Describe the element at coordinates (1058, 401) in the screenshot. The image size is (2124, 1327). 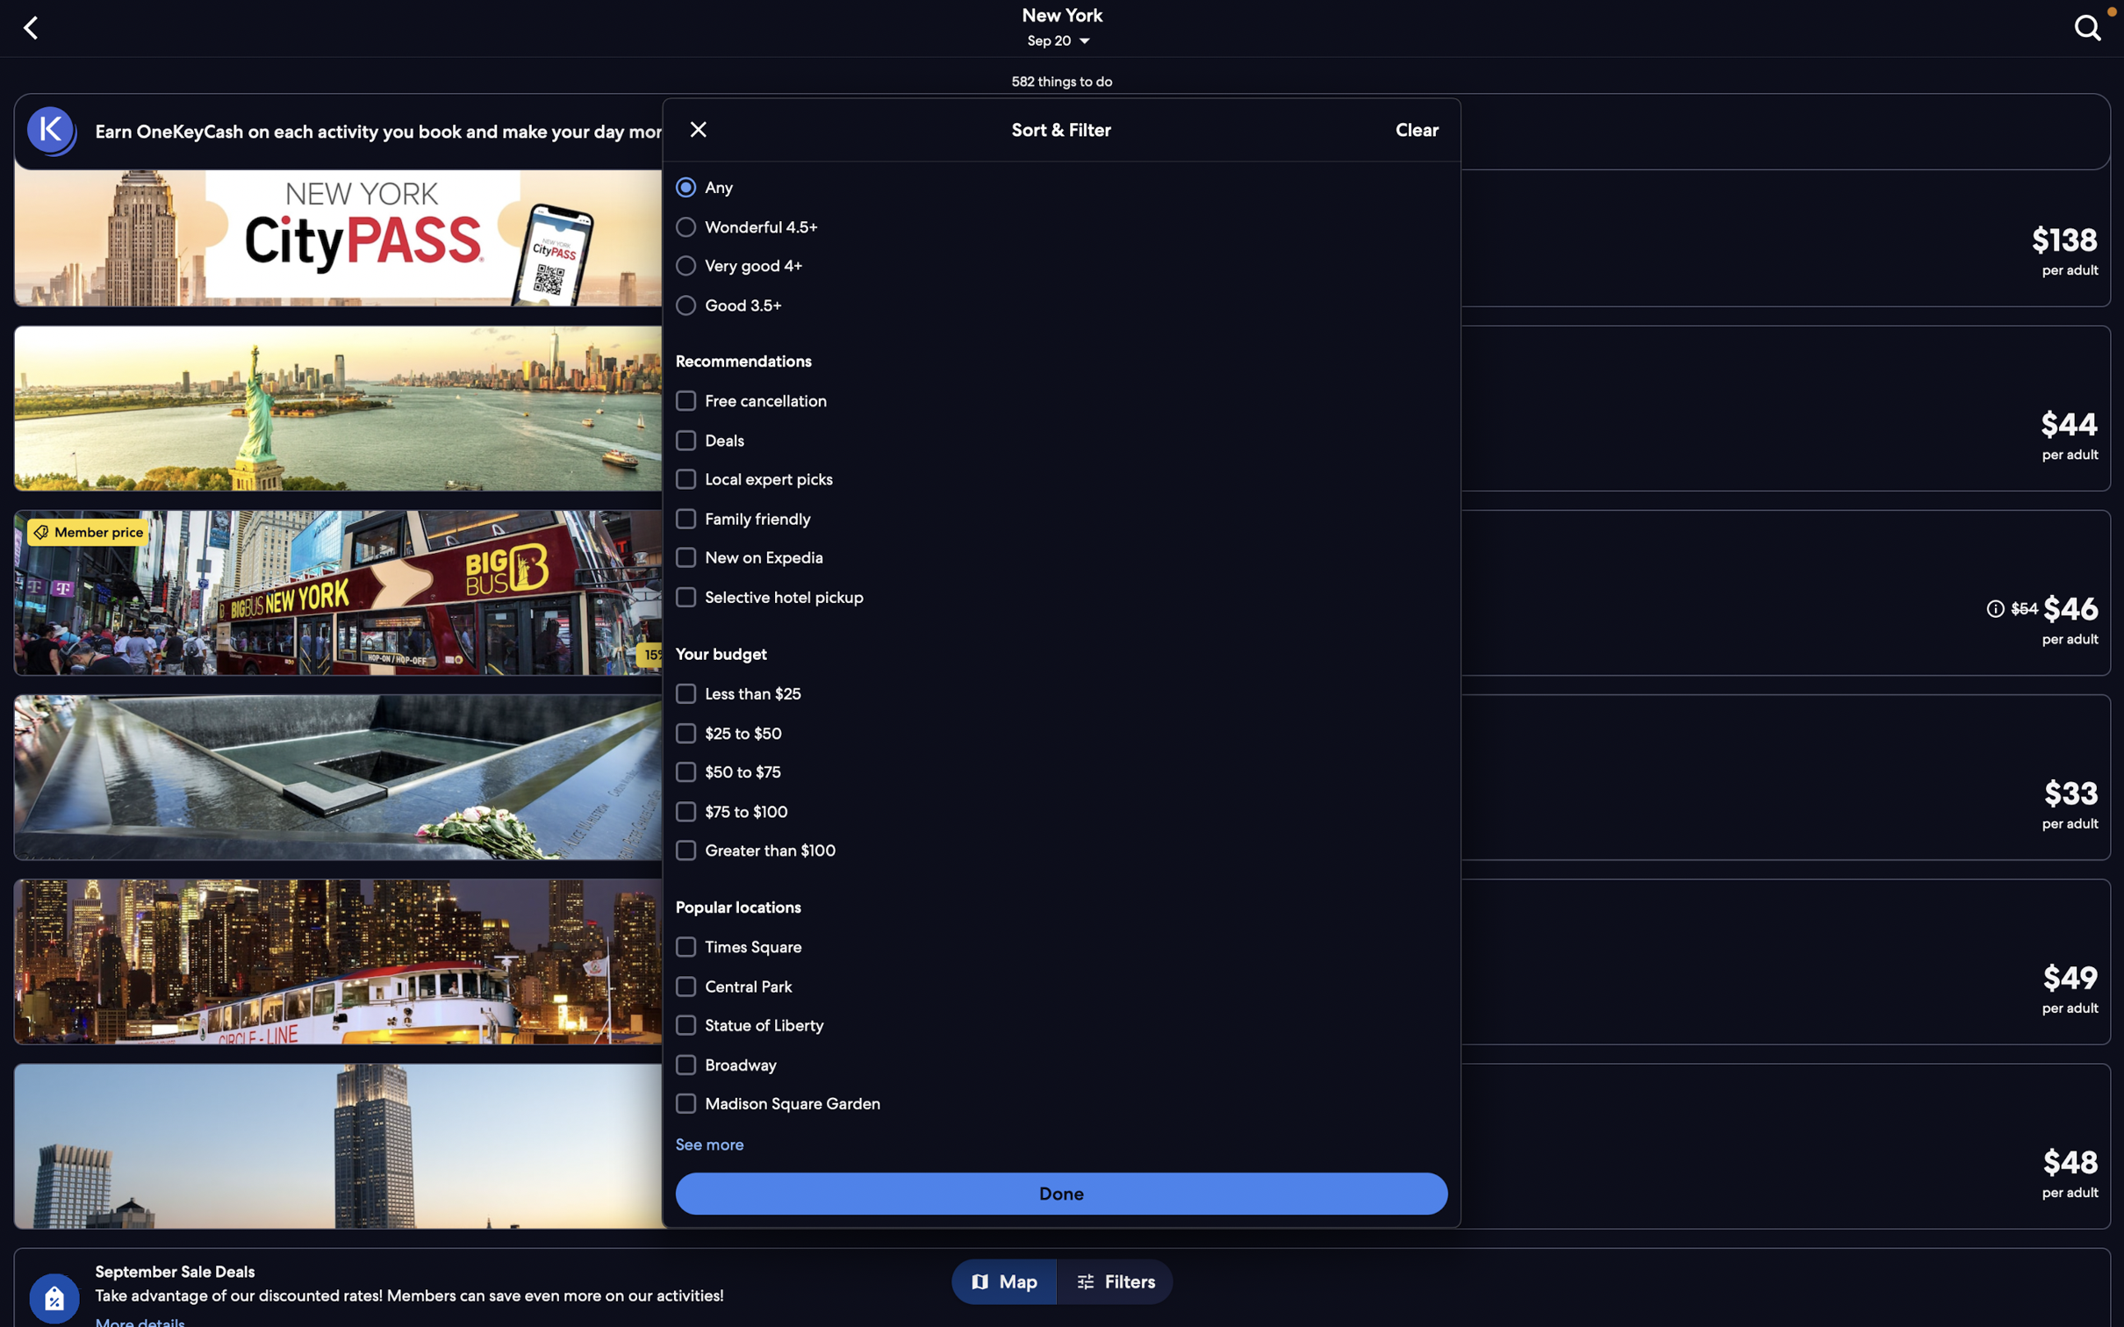
I see `options for unrestricted cancelation and suitable for families` at that location.